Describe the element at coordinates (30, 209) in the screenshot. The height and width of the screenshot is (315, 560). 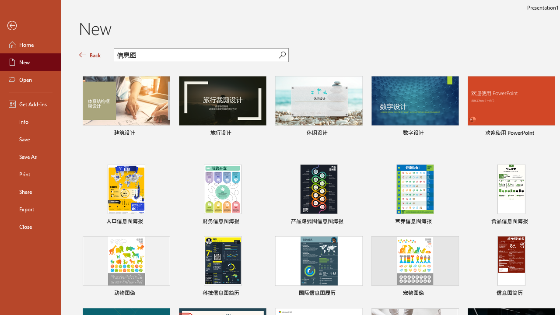
I see `'Export'` at that location.